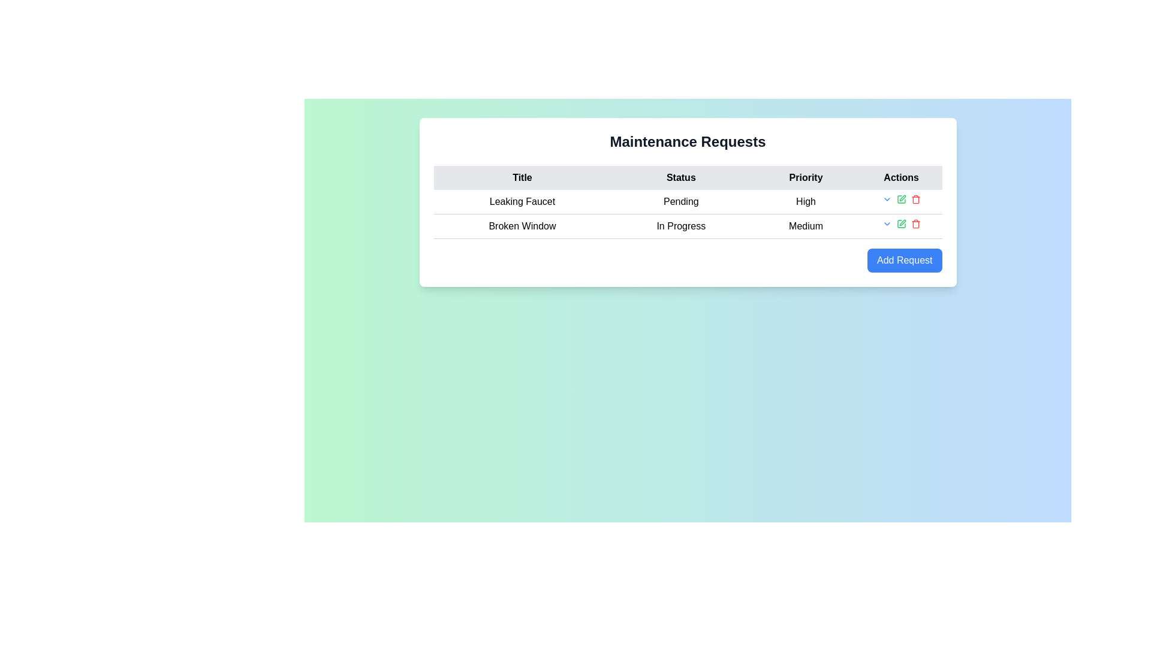  Describe the element at coordinates (688, 178) in the screenshot. I see `the table header row containing the headers 'Title', 'Status', 'Priority', and 'Actions', which is styled with a gray background and is the first row in the table under 'Maintenance Requests'` at that location.